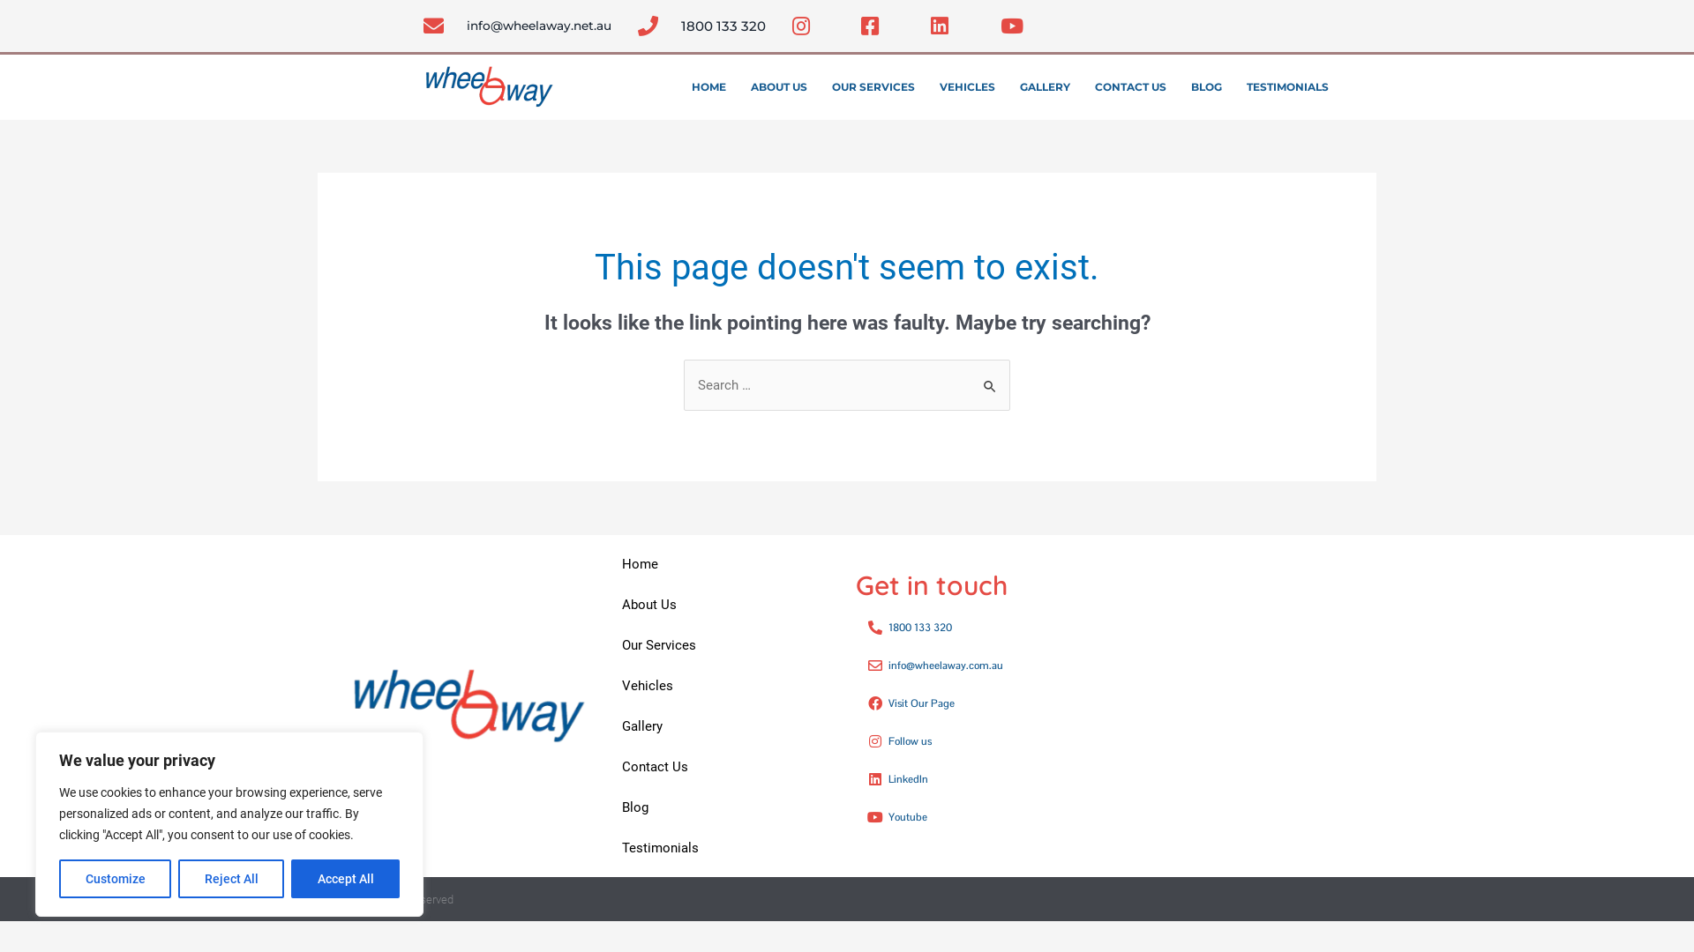 The image size is (1694, 952). Describe the element at coordinates (1278, 21) in the screenshot. I see `'Github'` at that location.